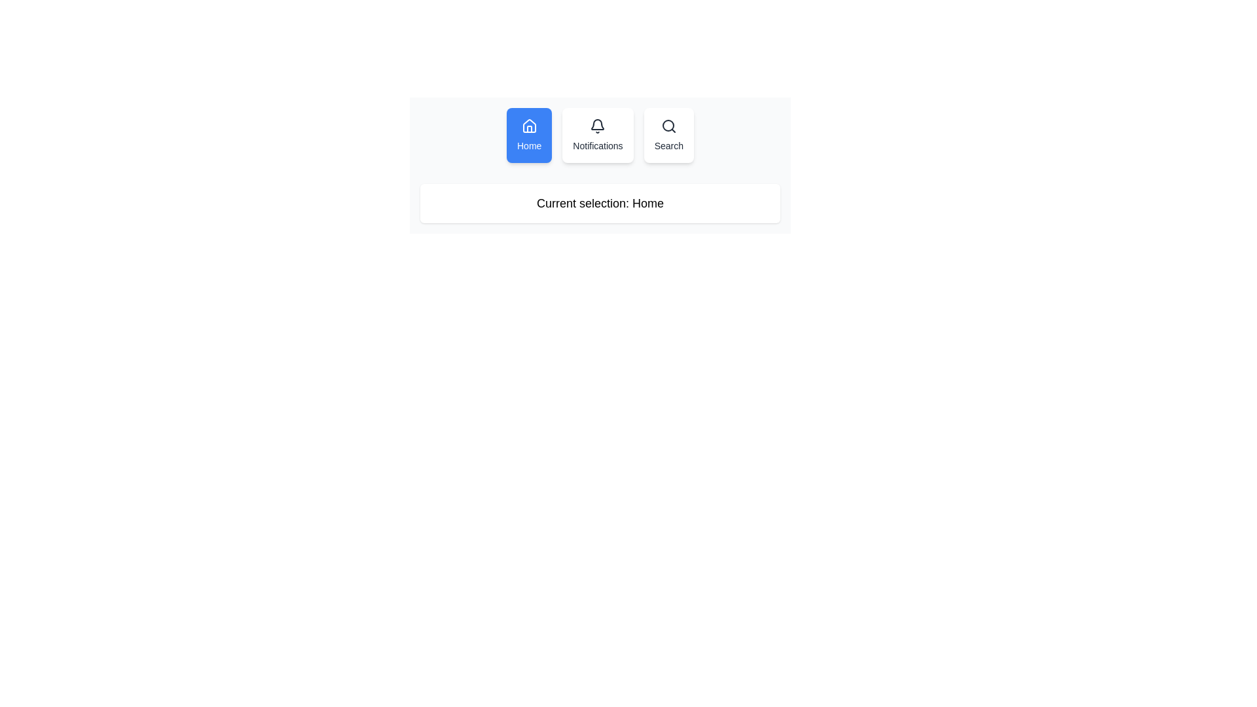 The width and height of the screenshot is (1257, 707). What do you see at coordinates (529, 136) in the screenshot?
I see `the home navigation button, which is the leftmost button in a horizontal row of three buttons, to scale it slightly` at bounding box center [529, 136].